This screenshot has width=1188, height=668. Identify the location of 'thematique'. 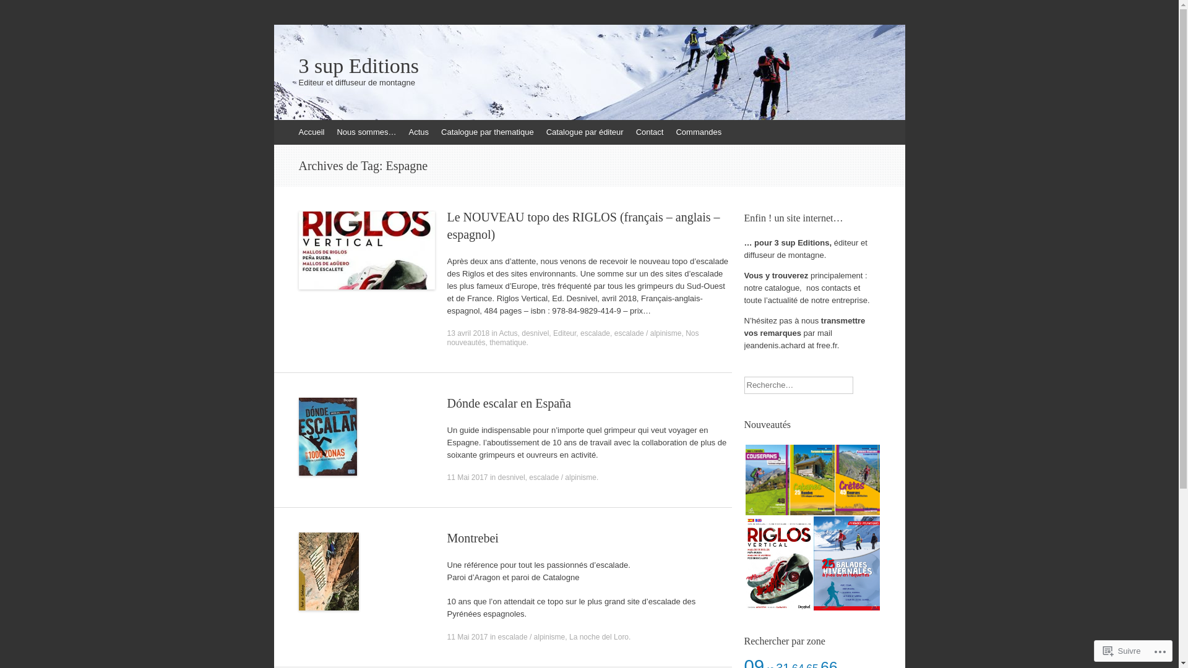
(507, 343).